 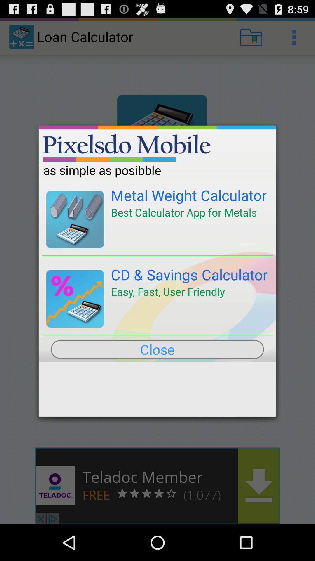 What do you see at coordinates (189, 274) in the screenshot?
I see `the cd & savings calculator` at bounding box center [189, 274].